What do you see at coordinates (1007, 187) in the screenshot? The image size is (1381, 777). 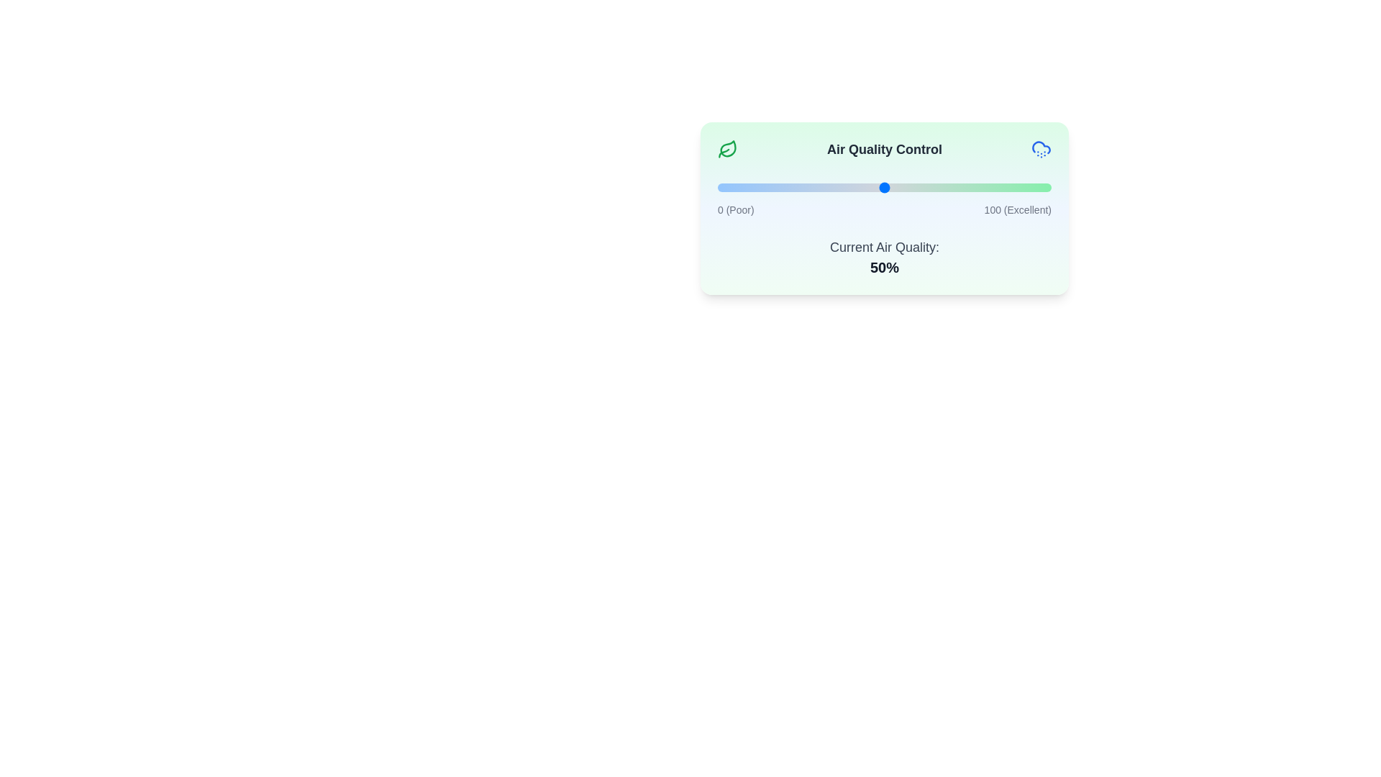 I see `the air quality slider to 87%` at bounding box center [1007, 187].